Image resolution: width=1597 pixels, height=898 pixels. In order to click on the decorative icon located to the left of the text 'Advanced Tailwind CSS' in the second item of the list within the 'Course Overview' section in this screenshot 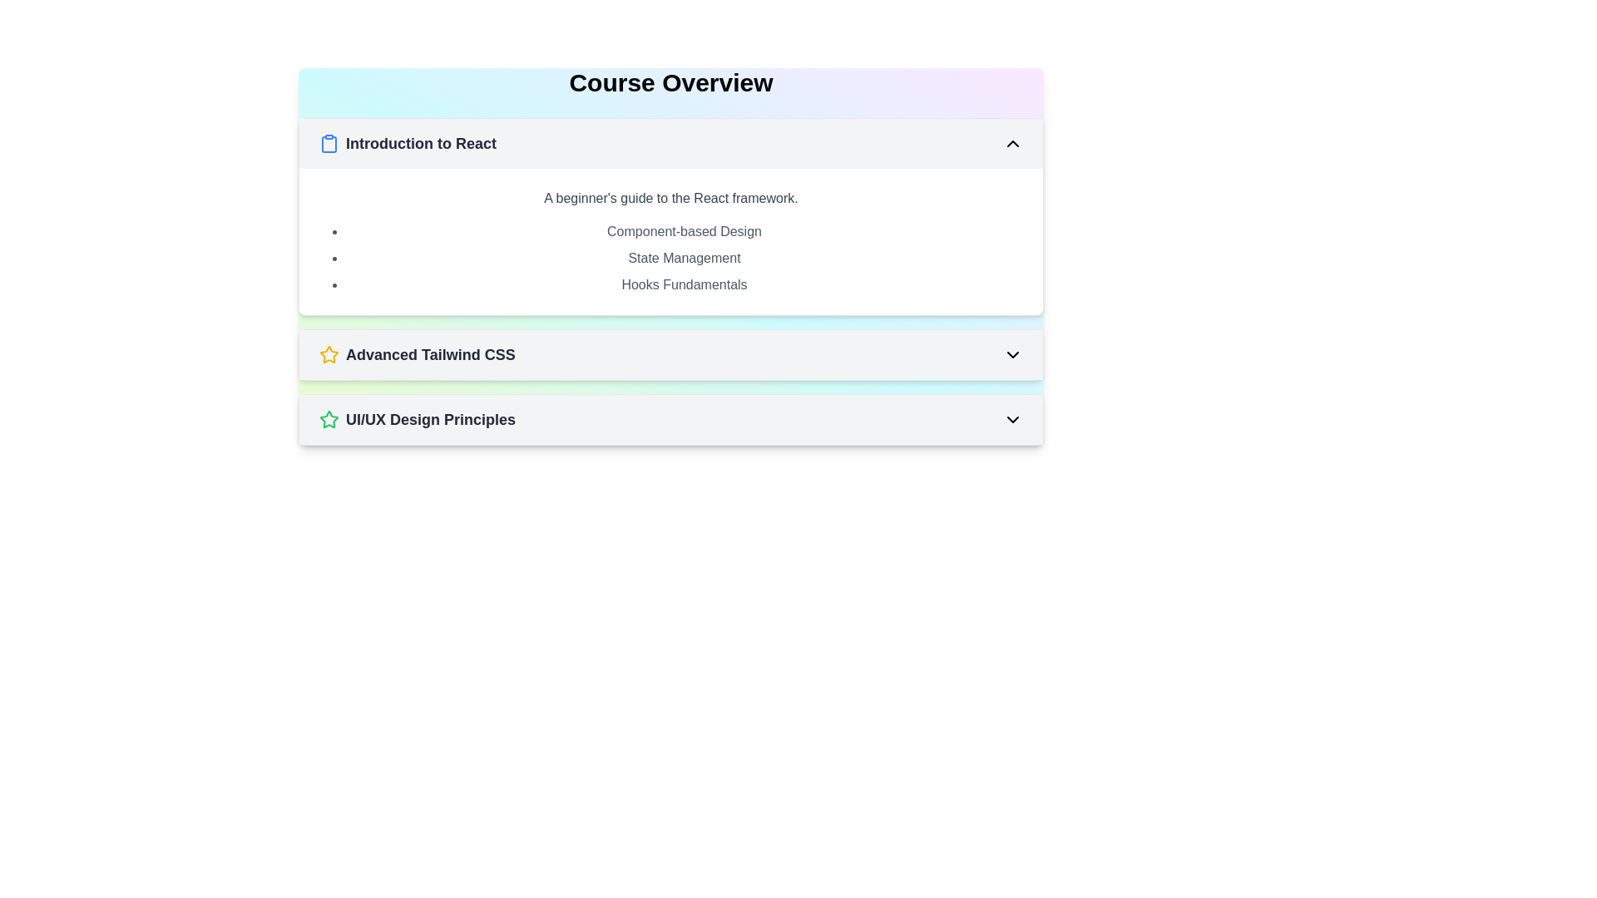, I will do `click(329, 418)`.